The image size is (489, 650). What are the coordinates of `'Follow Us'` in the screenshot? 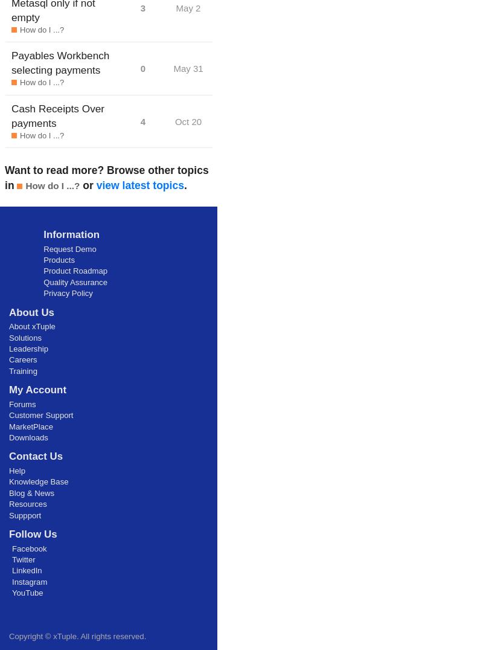 It's located at (33, 533).